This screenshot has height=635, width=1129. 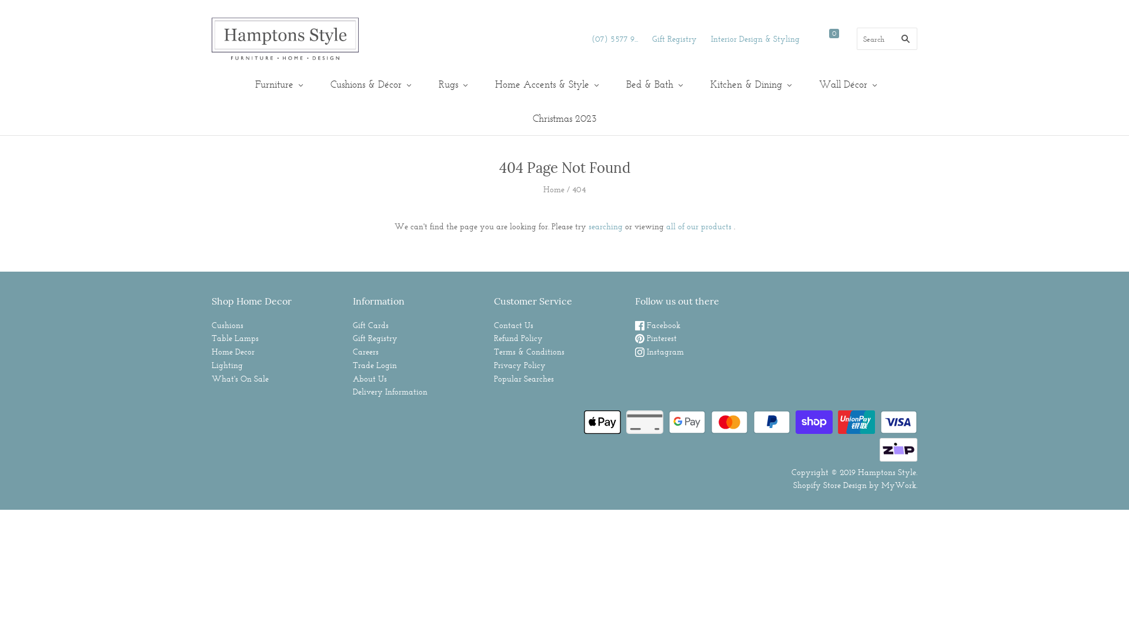 I want to click on 'Gift Registry', so click(x=651, y=38).